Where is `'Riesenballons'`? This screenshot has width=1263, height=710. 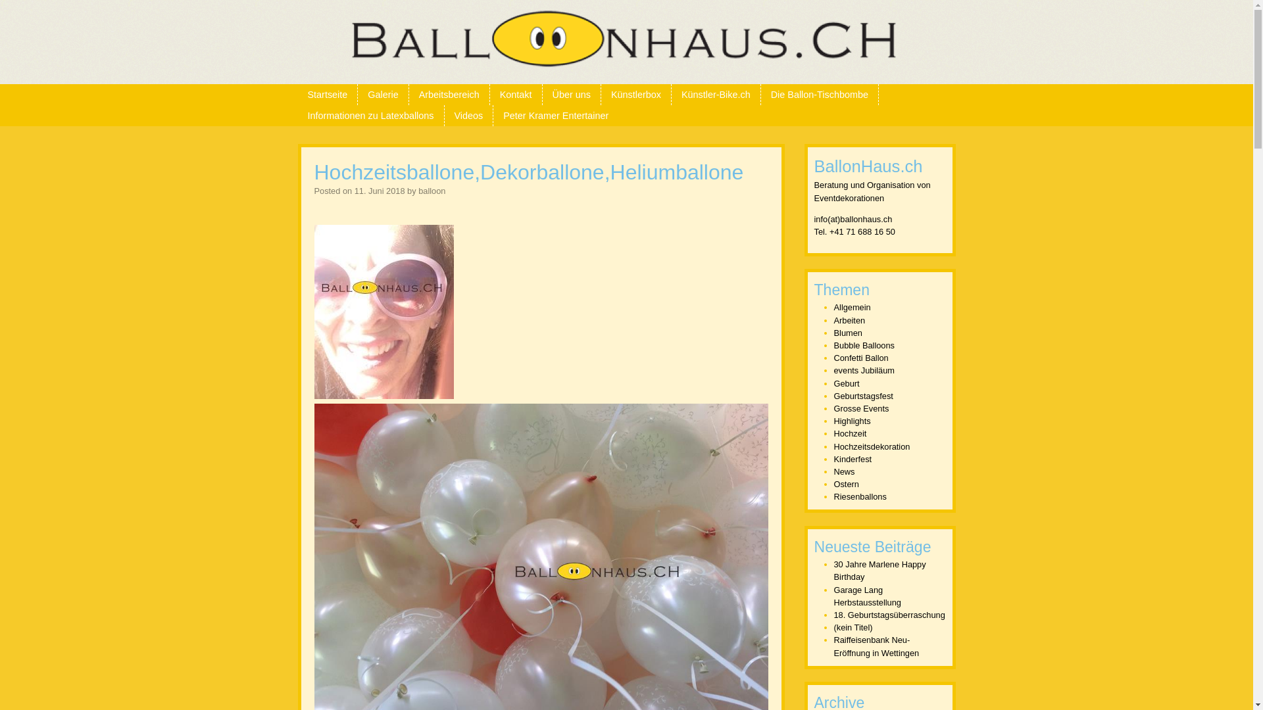 'Riesenballons' is located at coordinates (833, 496).